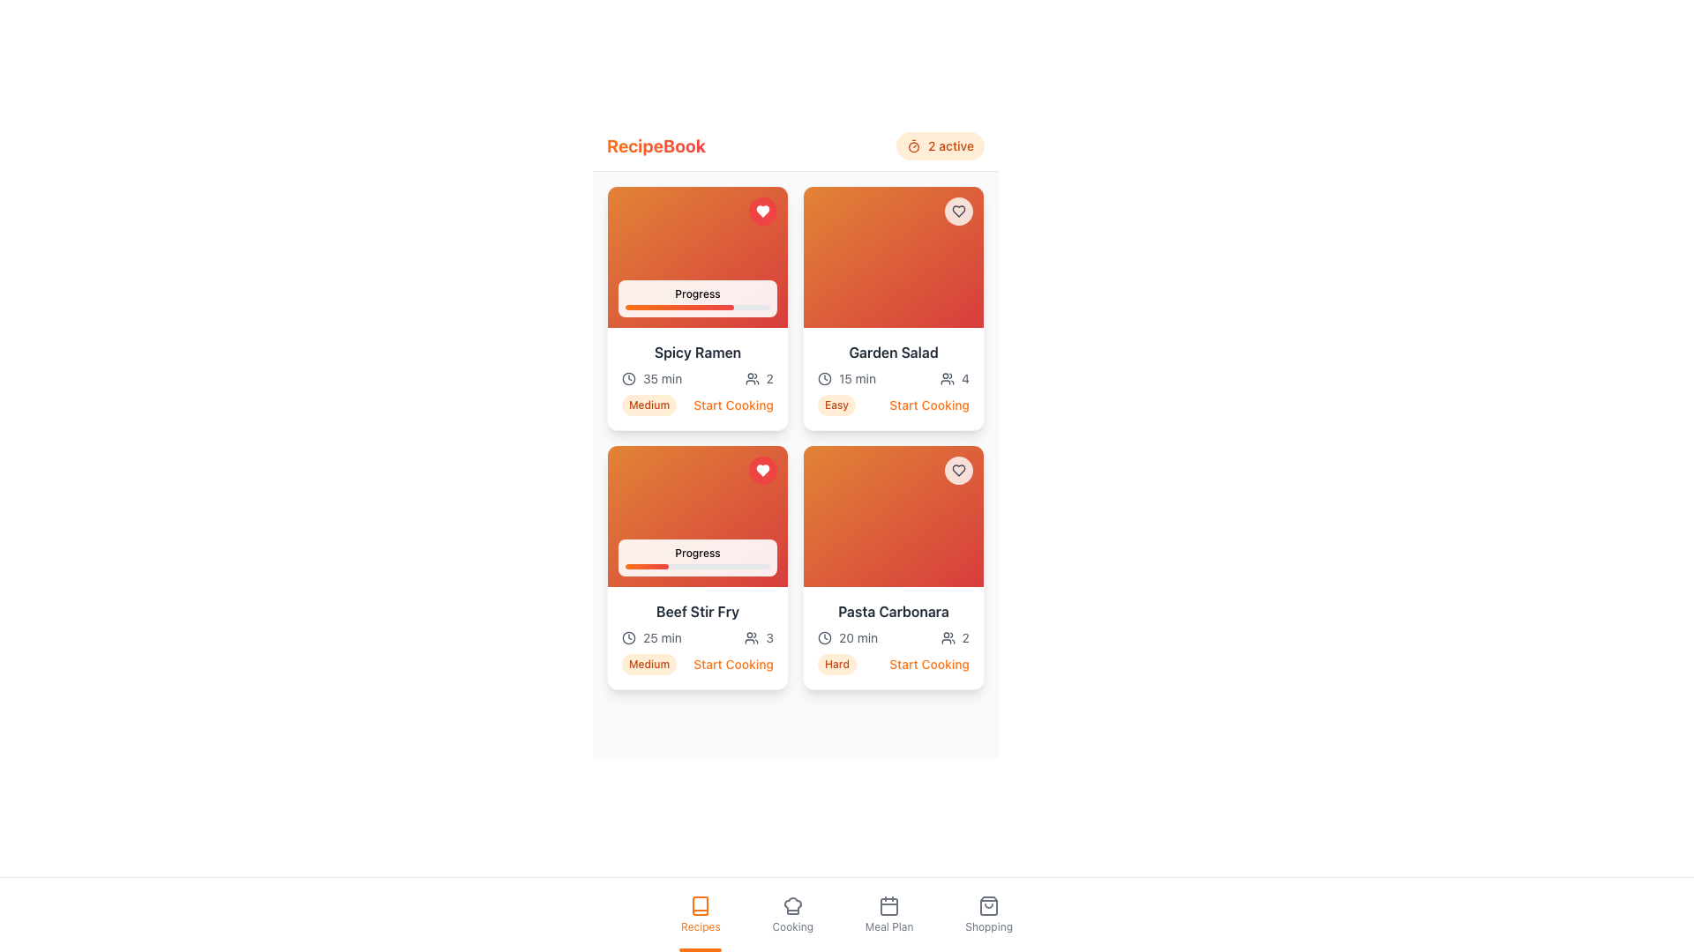  I want to click on the text label that displays '2 active' within an orange-tinted badge, located in the top right area of the interface next to a timer icon, so click(950, 145).